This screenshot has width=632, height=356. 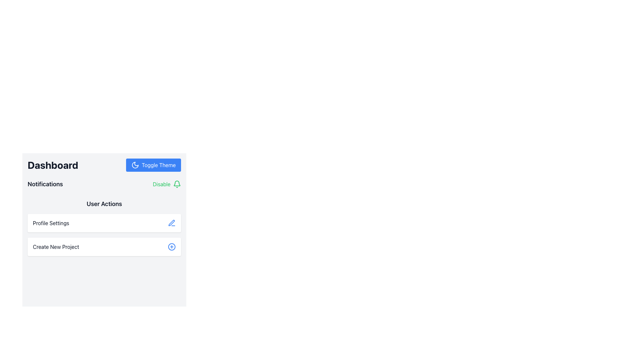 What do you see at coordinates (177, 184) in the screenshot?
I see `the bell-shaped notification icon with a green border, located adjacent to the 'Disable' text label in the top-right corner of the widget section` at bounding box center [177, 184].